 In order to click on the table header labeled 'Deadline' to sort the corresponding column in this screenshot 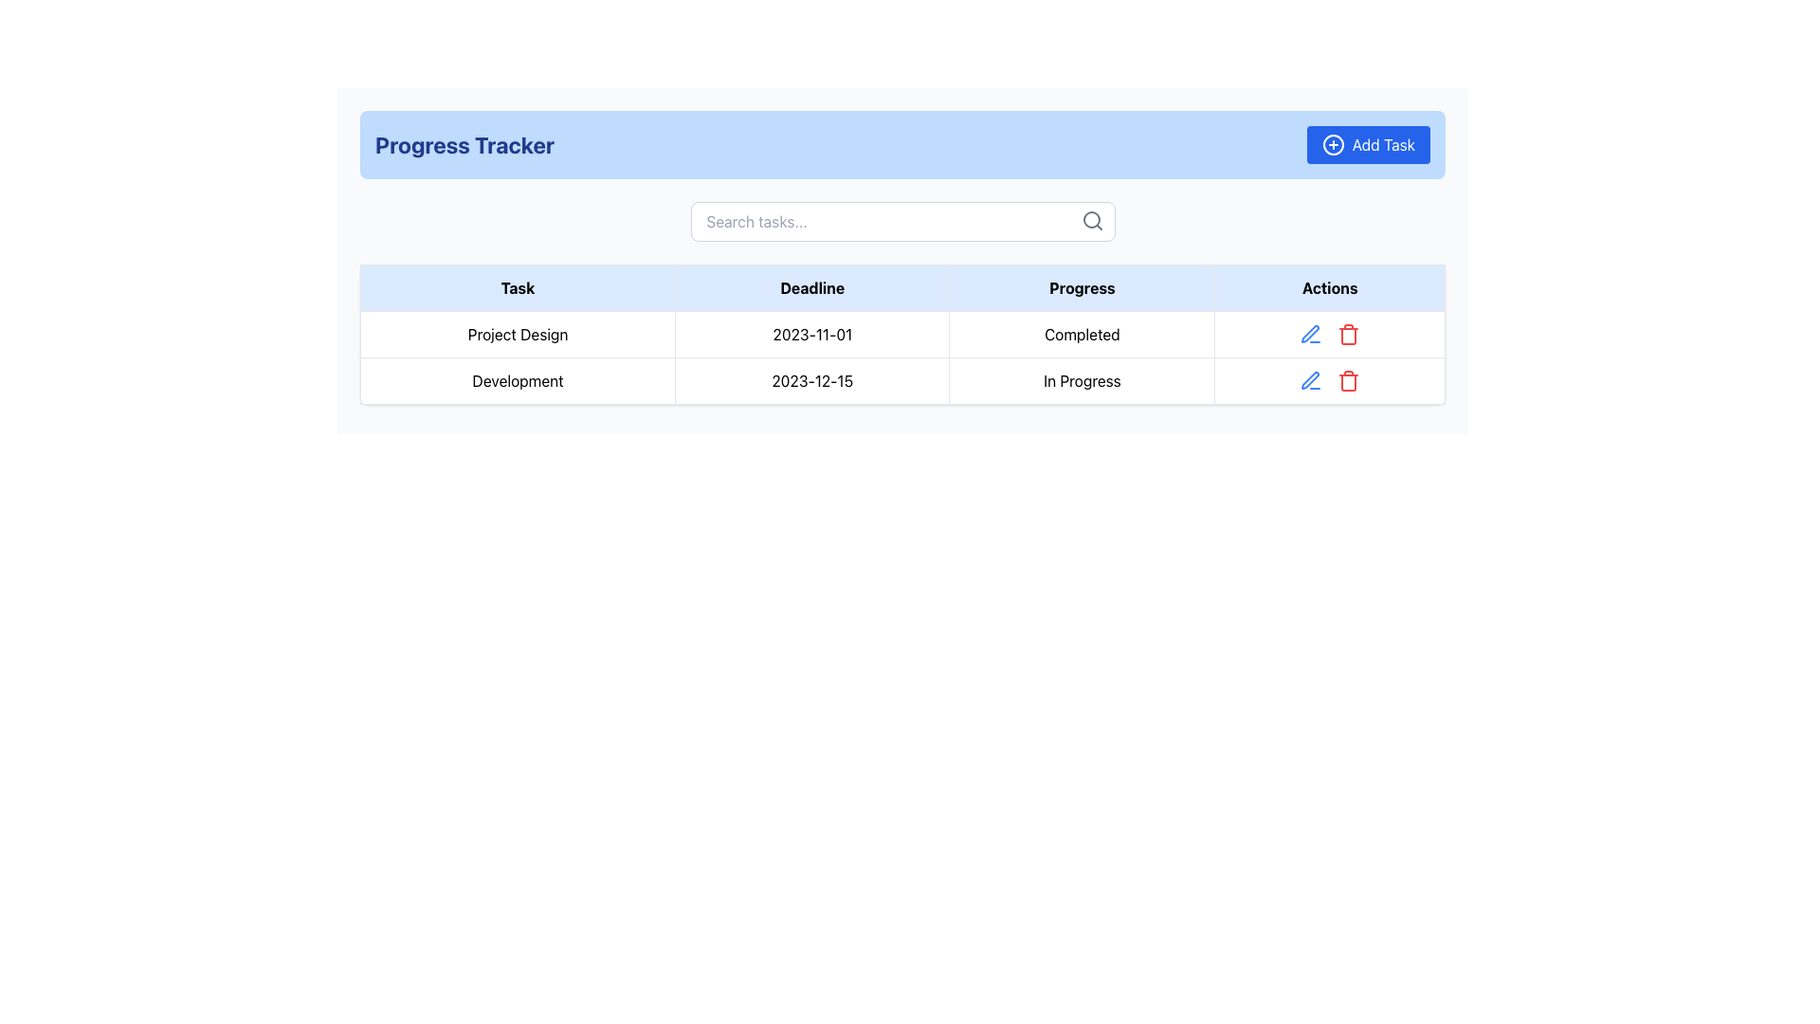, I will do `click(812, 288)`.